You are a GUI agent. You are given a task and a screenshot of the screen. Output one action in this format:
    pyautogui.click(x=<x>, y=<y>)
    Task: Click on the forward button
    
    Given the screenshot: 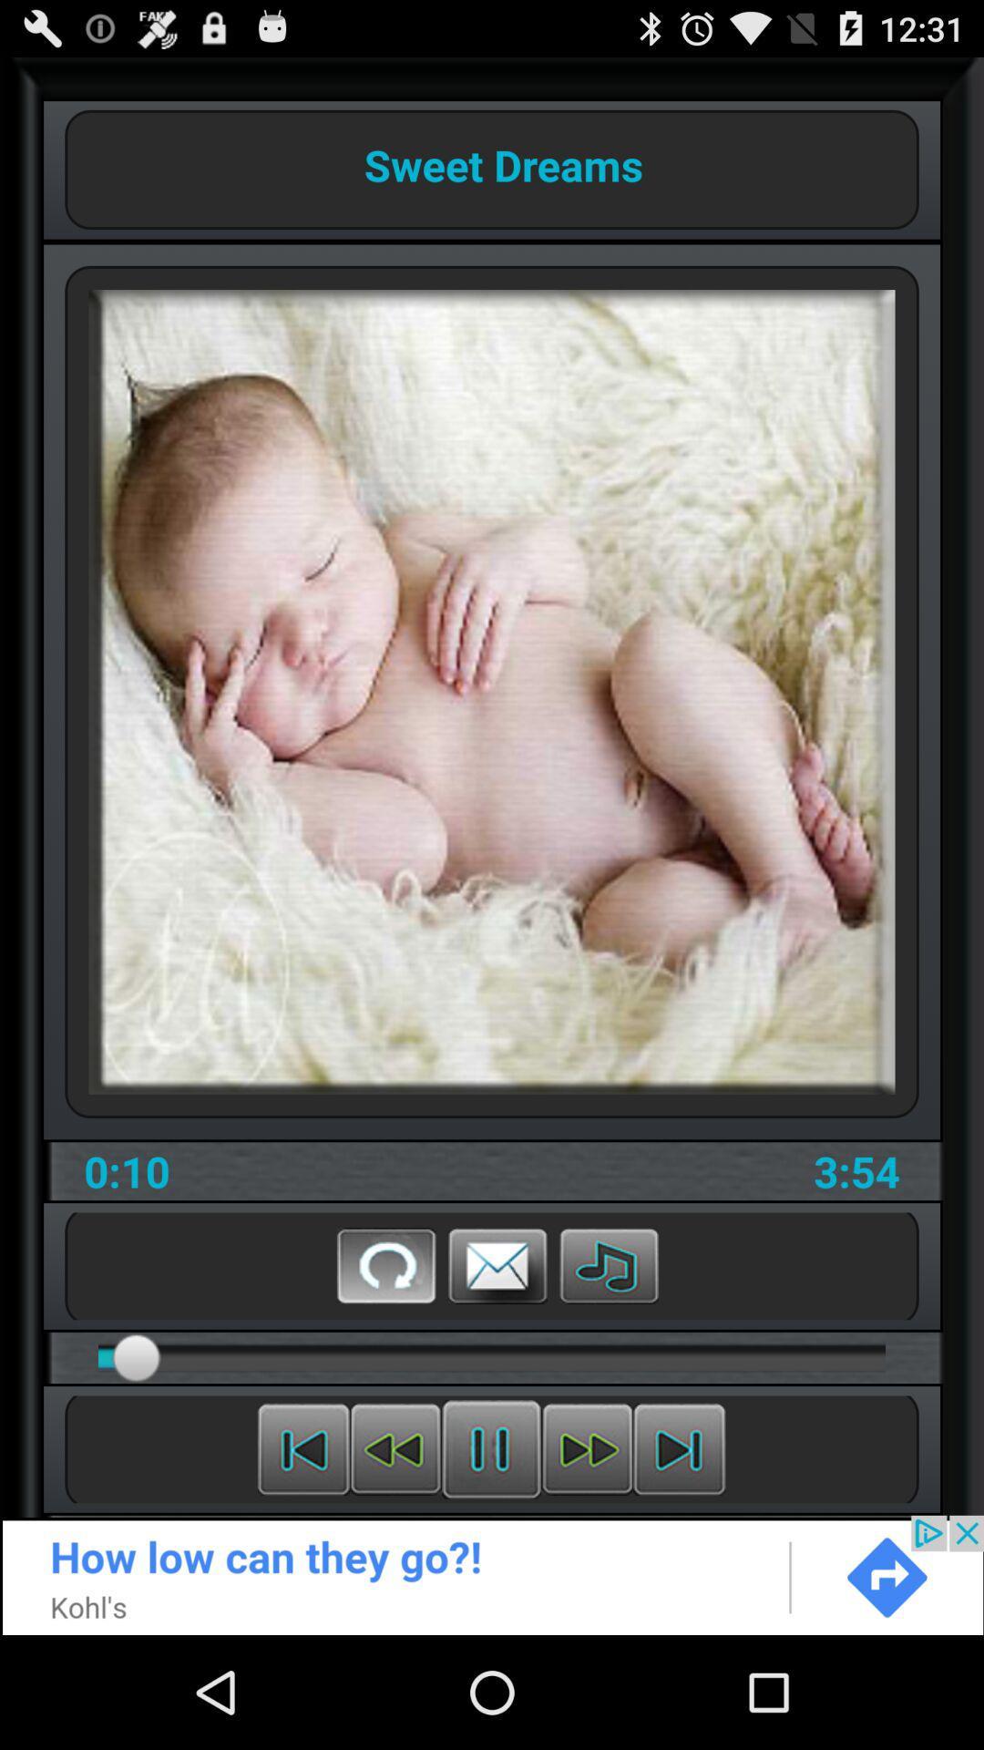 What is the action you would take?
    pyautogui.click(x=587, y=1448)
    